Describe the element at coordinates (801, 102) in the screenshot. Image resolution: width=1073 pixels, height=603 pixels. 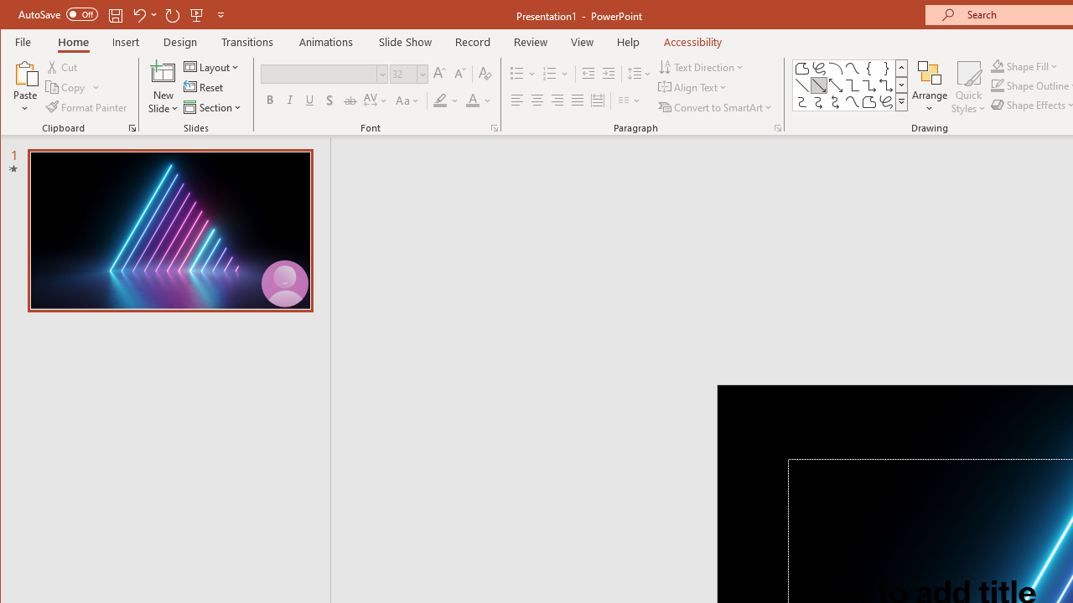
I see `'Connector: Curved'` at that location.